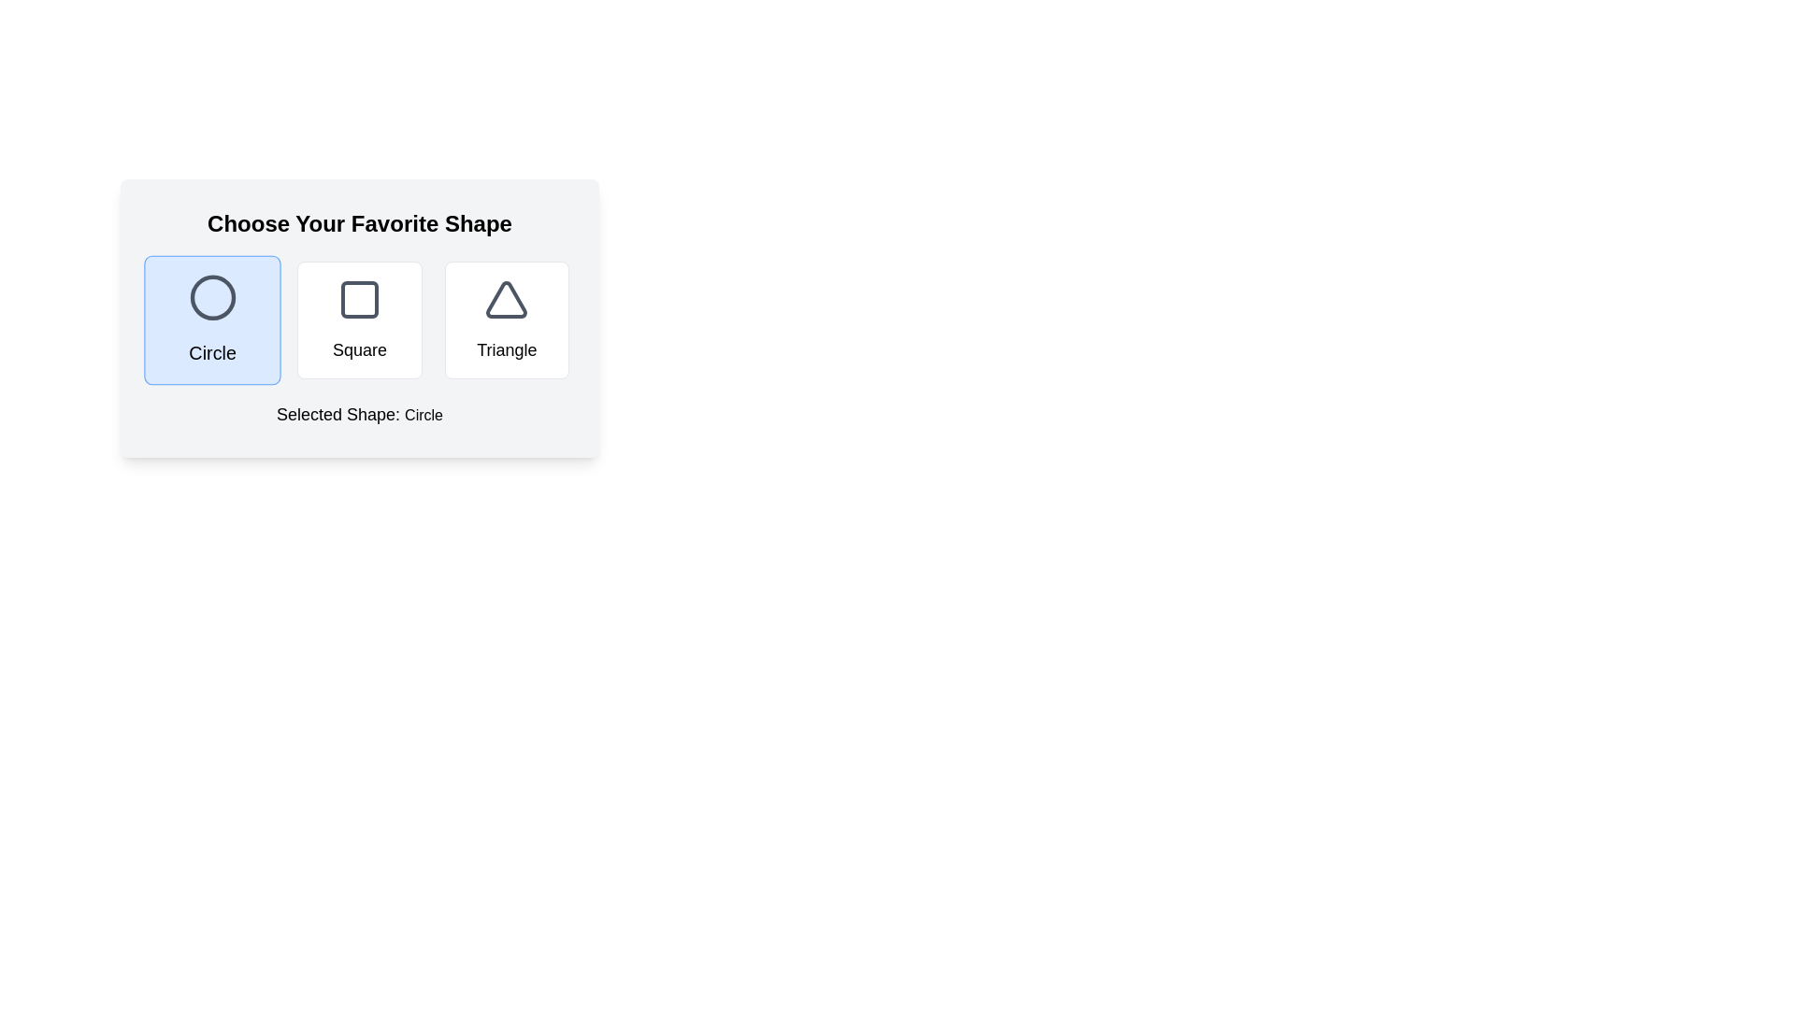  What do you see at coordinates (359, 222) in the screenshot?
I see `the heading text that instructs the user to choose their preferred shape, positioned at the top center of the section` at bounding box center [359, 222].